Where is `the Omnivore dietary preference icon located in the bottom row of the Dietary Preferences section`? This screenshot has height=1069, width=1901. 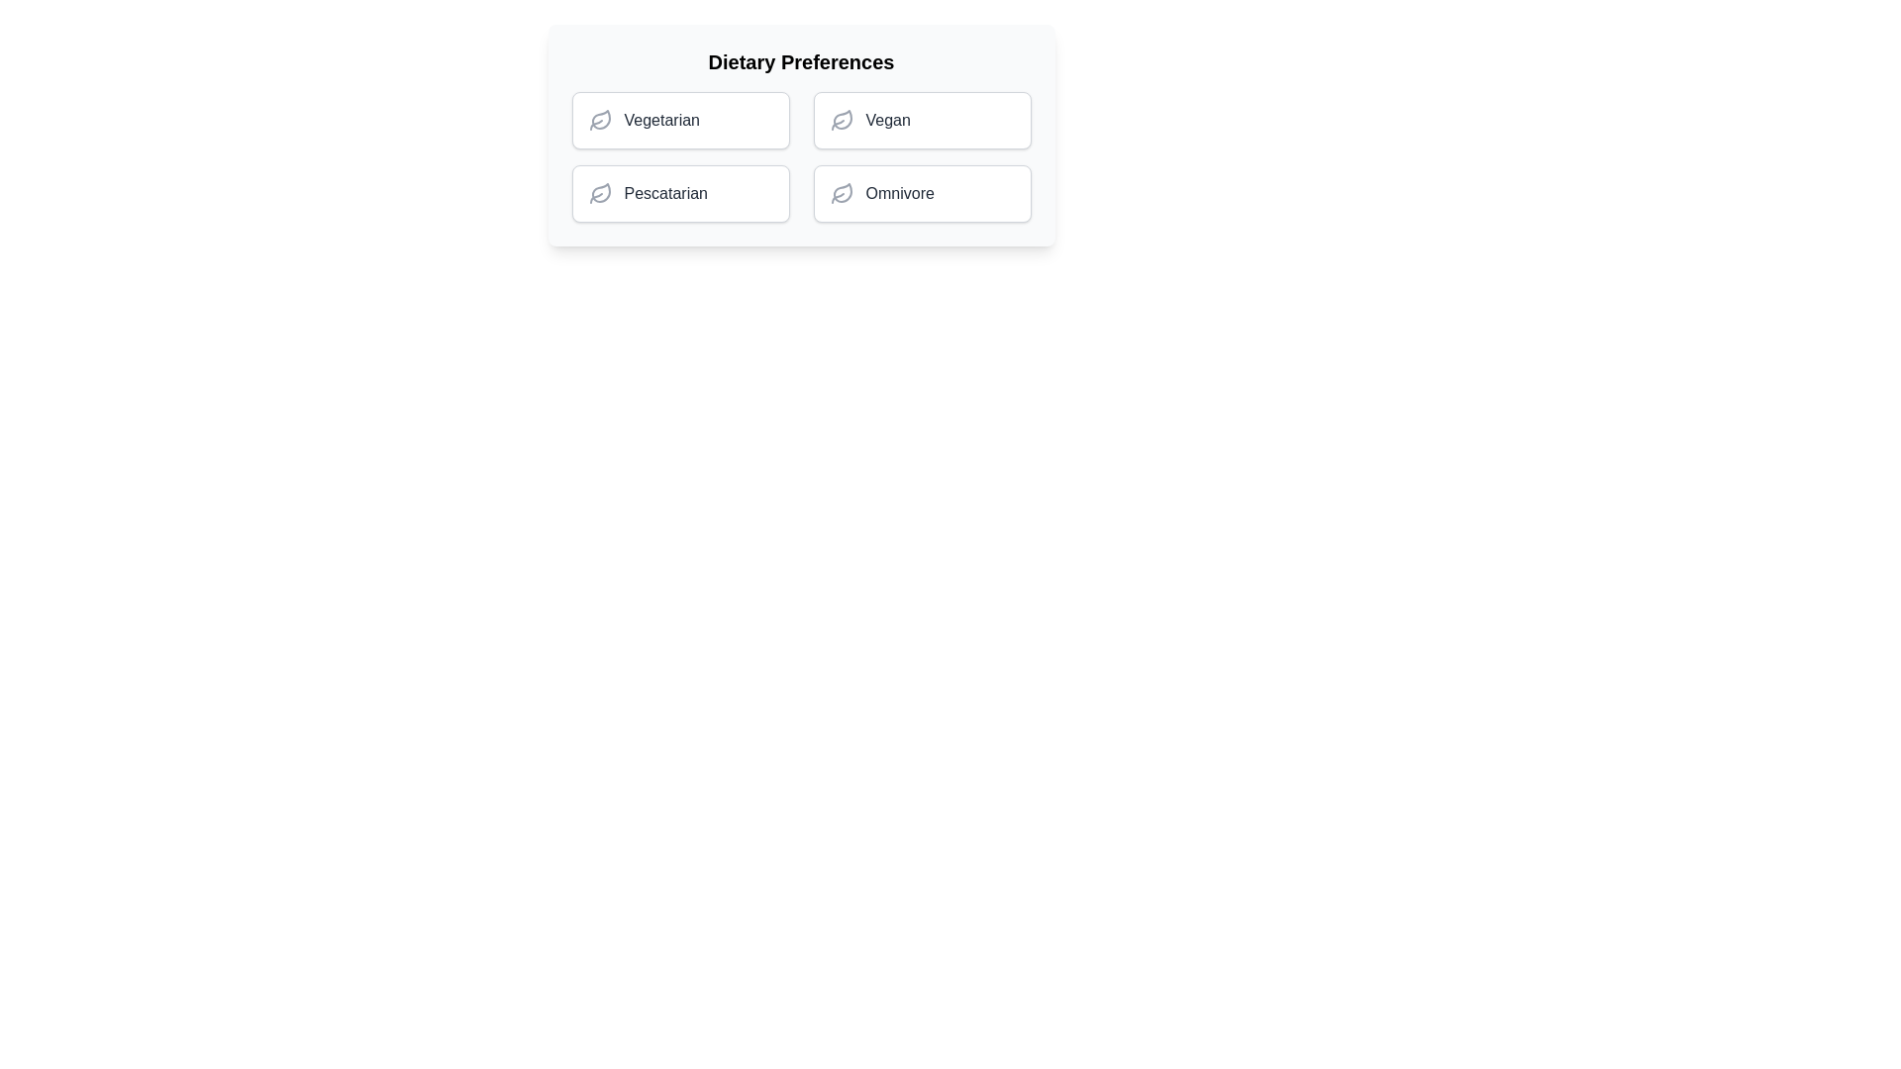 the Omnivore dietary preference icon located in the bottom row of the Dietary Preferences section is located at coordinates (842, 193).